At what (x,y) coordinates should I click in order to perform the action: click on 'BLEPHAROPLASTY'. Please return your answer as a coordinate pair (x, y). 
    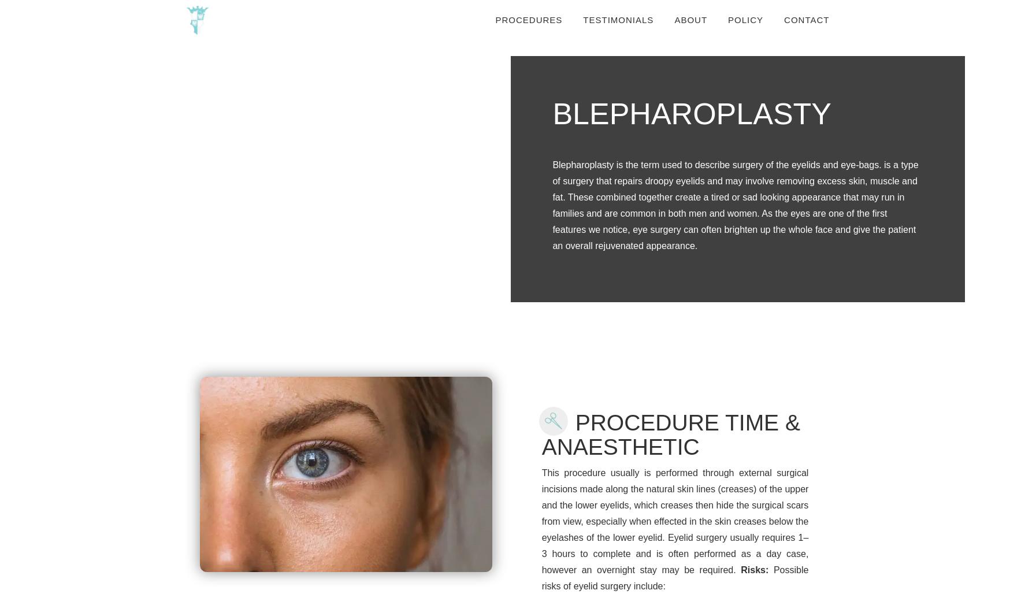
    Looking at the image, I should click on (691, 113).